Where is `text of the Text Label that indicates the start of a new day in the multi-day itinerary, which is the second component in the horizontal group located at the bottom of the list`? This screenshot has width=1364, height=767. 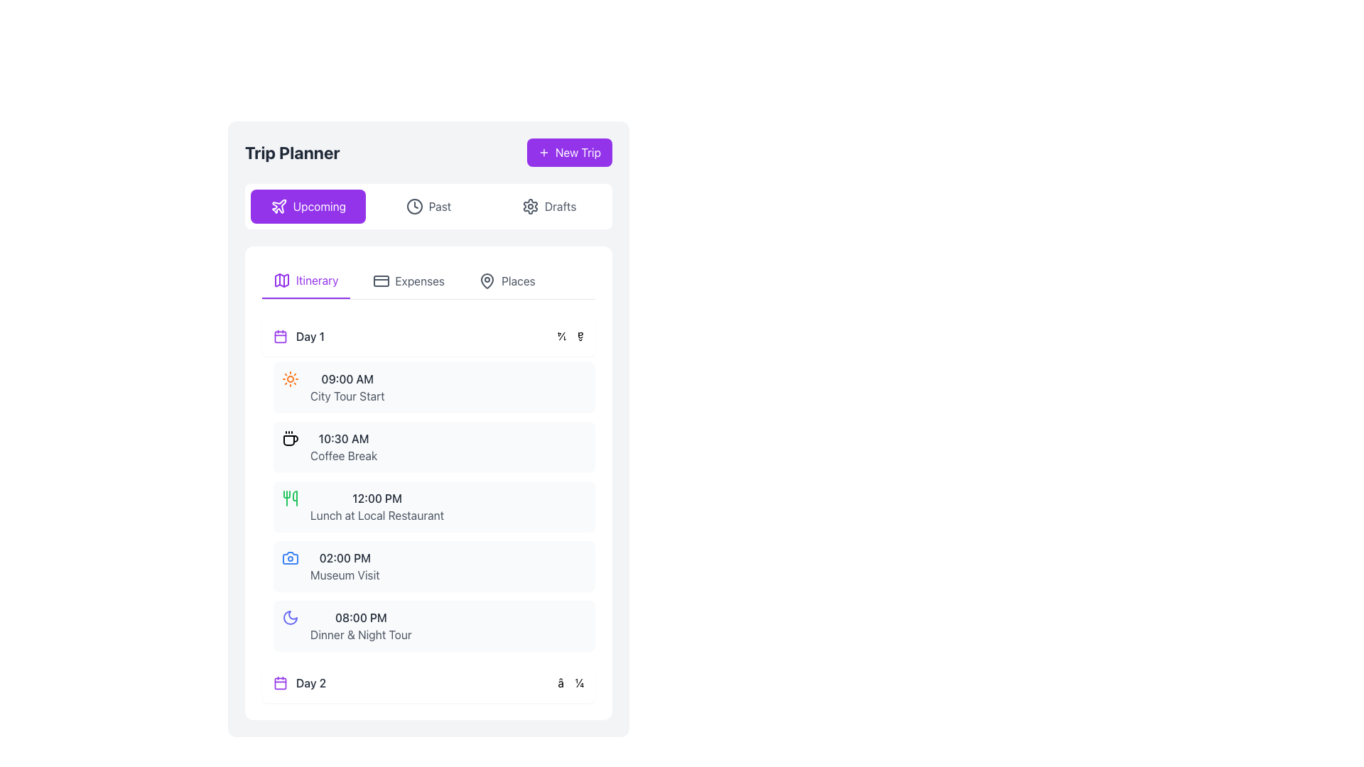 text of the Text Label that indicates the start of a new day in the multi-day itinerary, which is the second component in the horizontal group located at the bottom of the list is located at coordinates (310, 682).